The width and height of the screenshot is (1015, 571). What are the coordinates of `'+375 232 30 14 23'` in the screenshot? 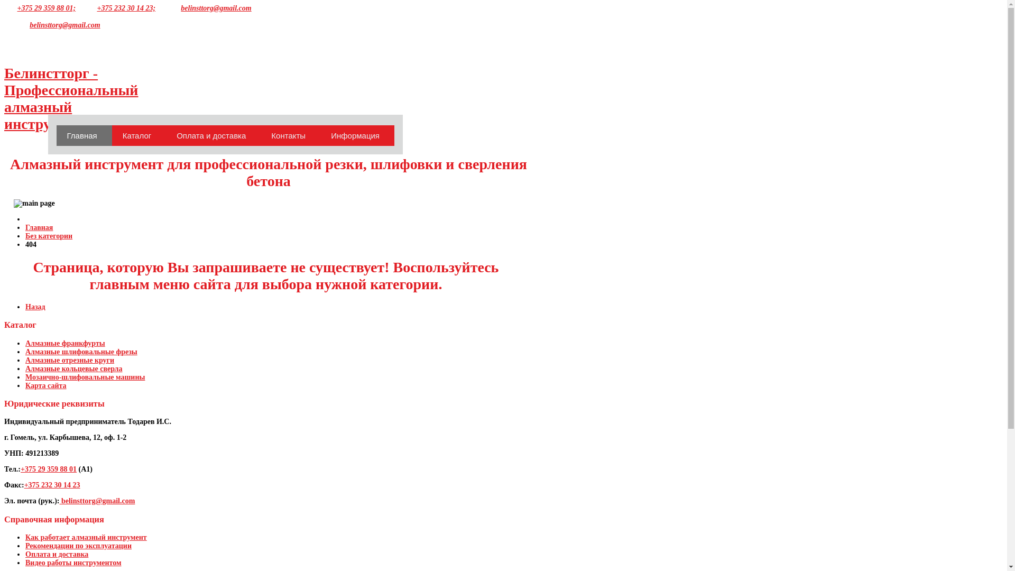 It's located at (52, 485).